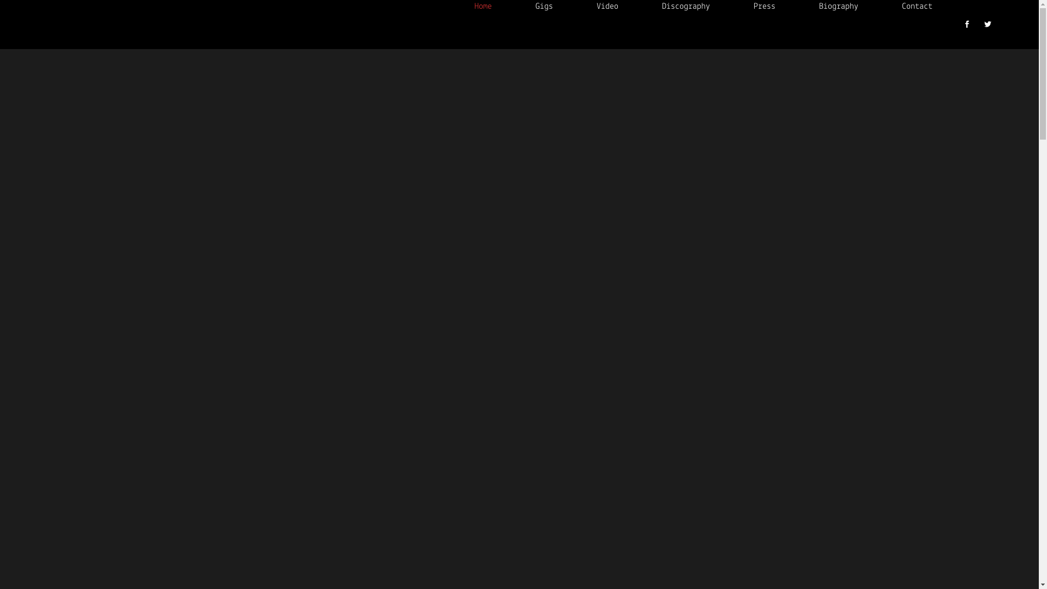  I want to click on 'Biography', so click(838, 6).